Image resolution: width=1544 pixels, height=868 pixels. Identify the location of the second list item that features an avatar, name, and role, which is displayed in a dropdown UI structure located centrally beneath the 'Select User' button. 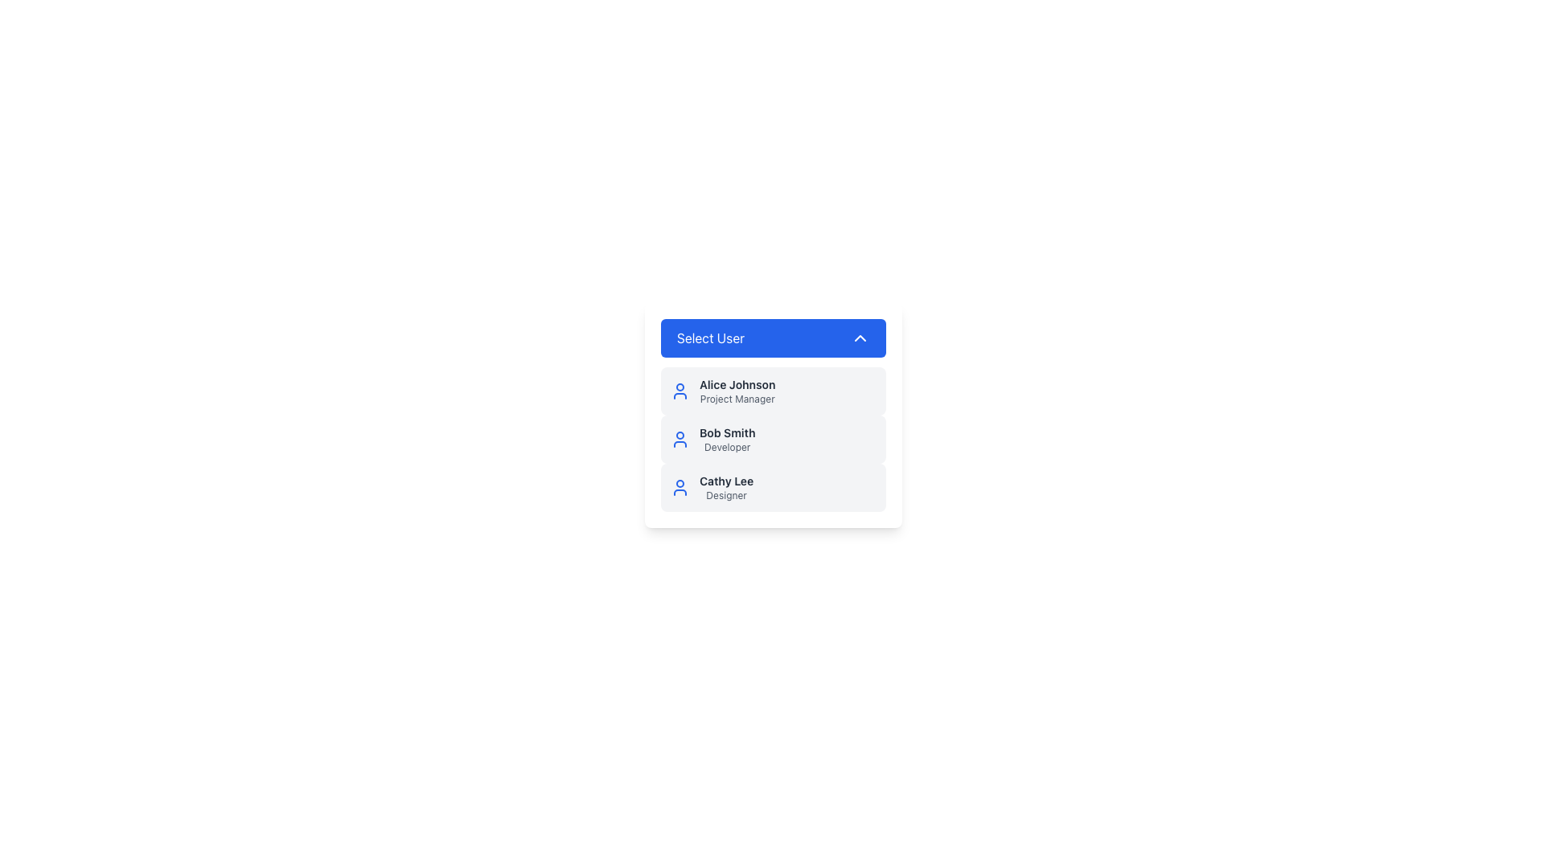
(773, 440).